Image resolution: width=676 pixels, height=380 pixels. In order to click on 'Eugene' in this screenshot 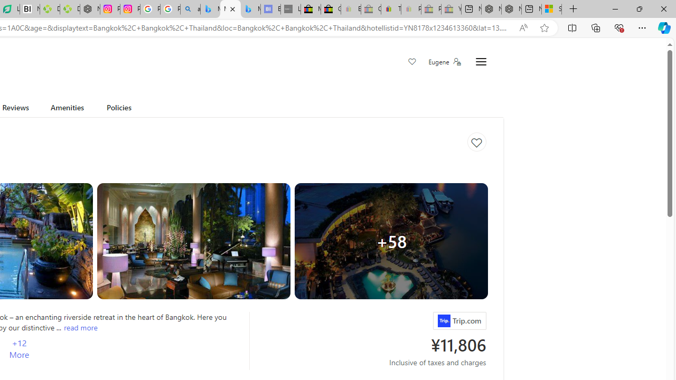, I will do `click(444, 62)`.